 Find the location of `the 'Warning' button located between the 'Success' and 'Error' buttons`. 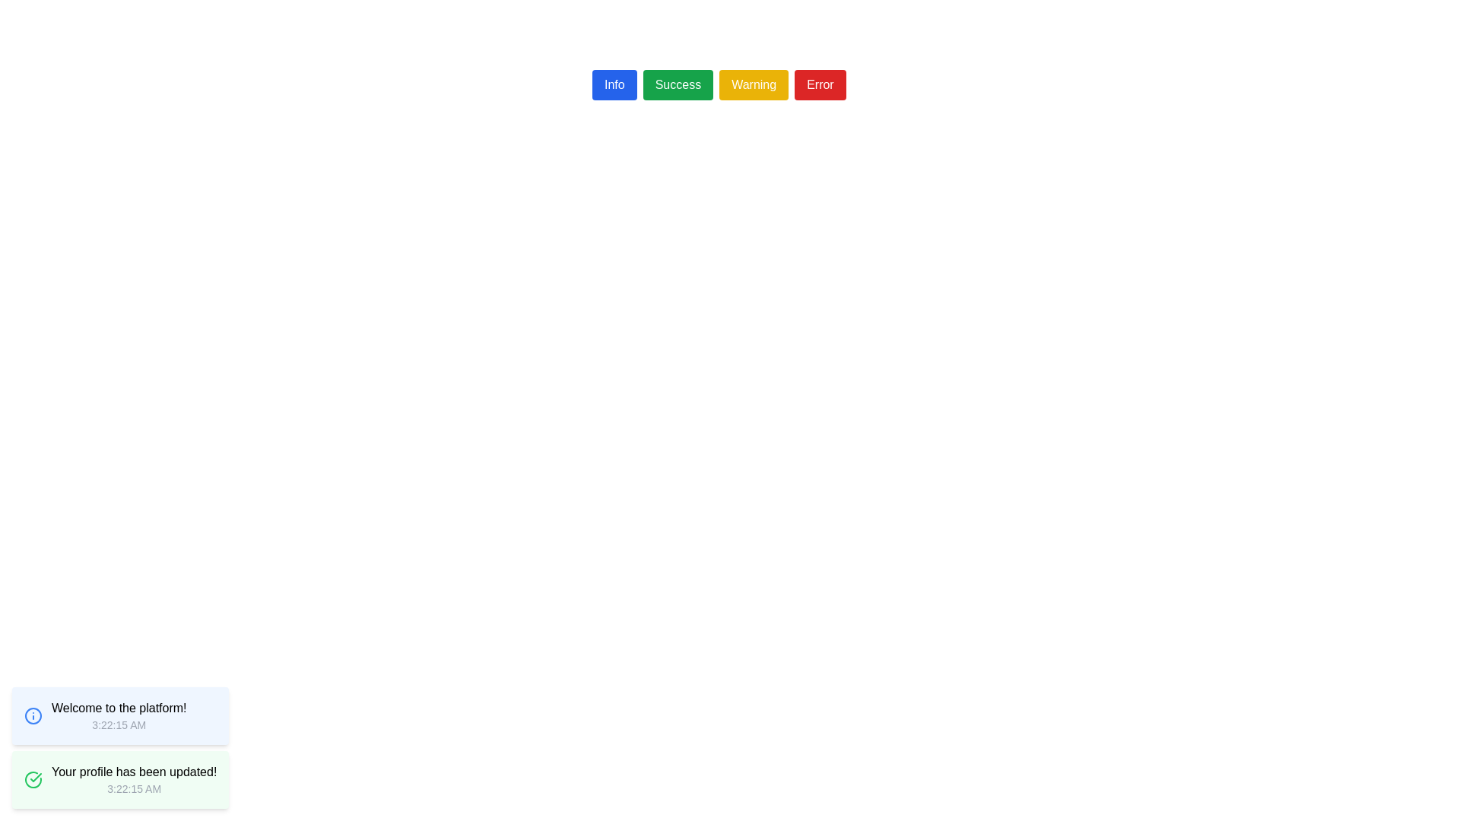

the 'Warning' button located between the 'Success' and 'Error' buttons is located at coordinates (754, 84).